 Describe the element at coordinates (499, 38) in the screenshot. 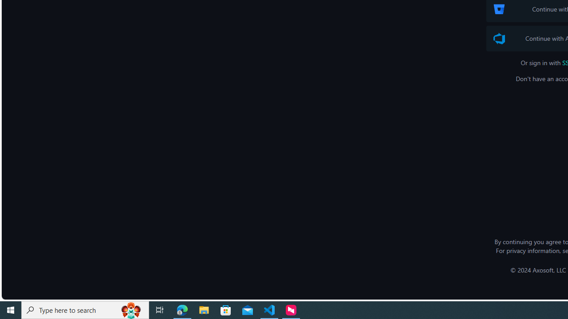

I see `'Azure DevOps Logo'` at that location.